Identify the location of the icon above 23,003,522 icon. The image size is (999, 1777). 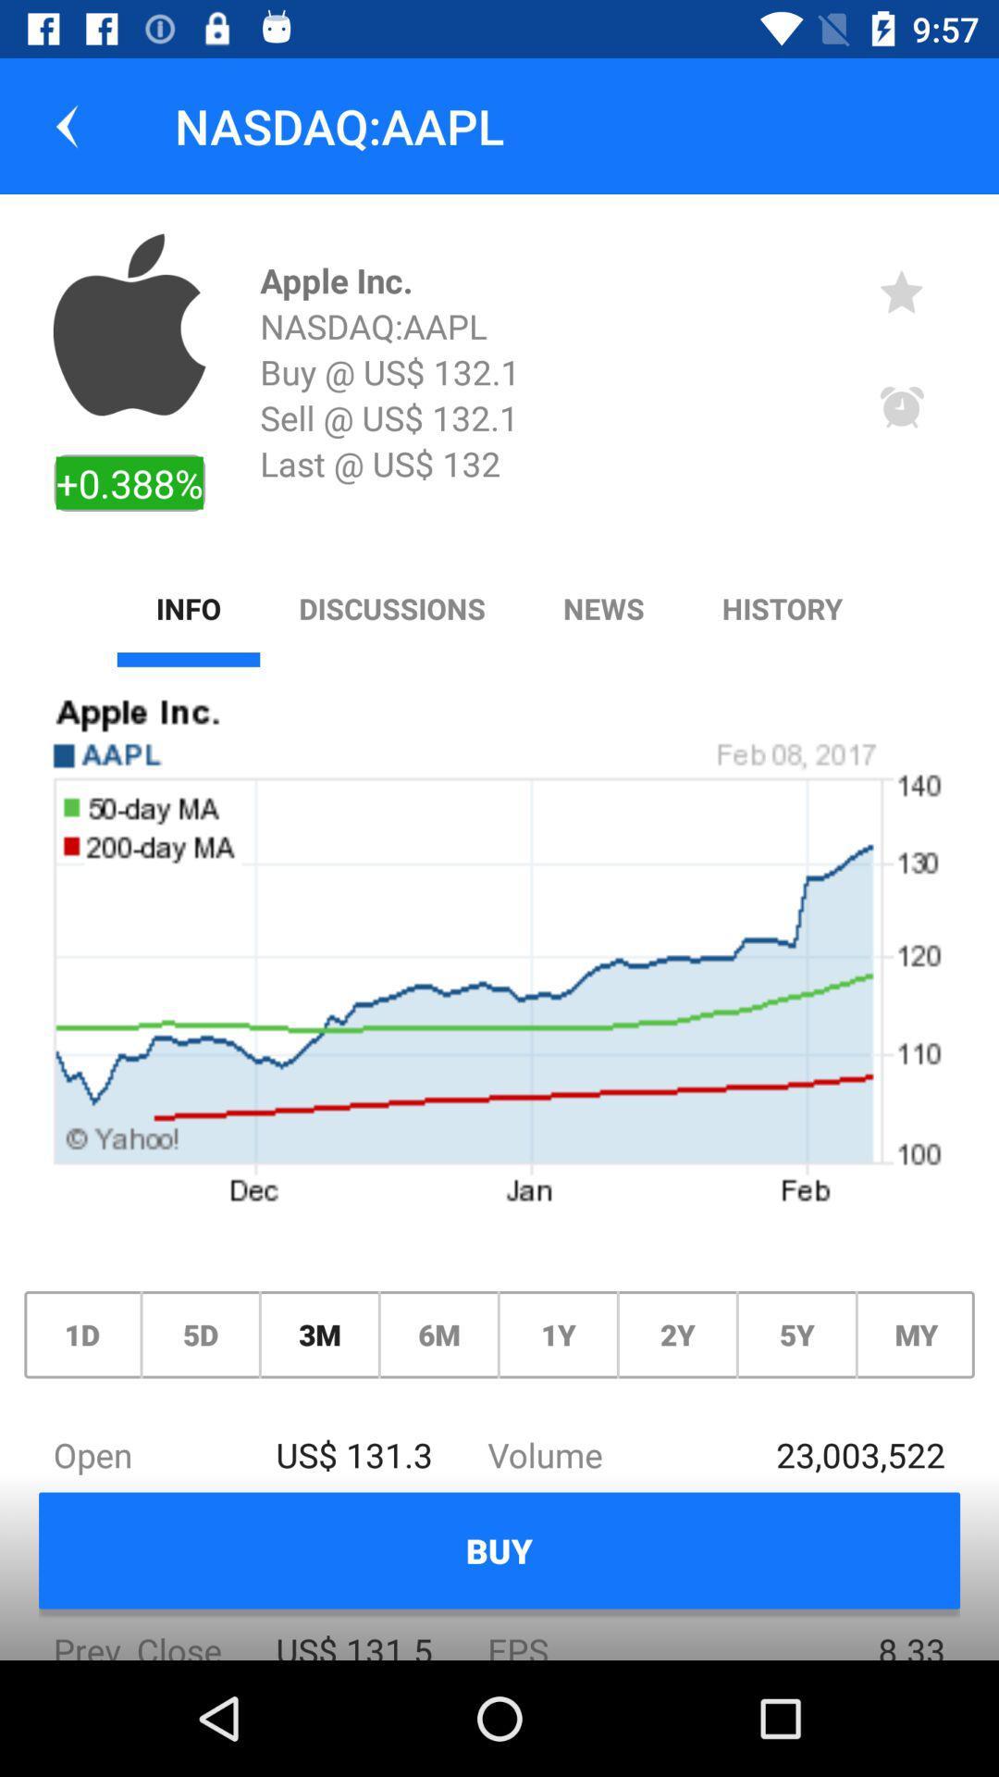
(916, 1335).